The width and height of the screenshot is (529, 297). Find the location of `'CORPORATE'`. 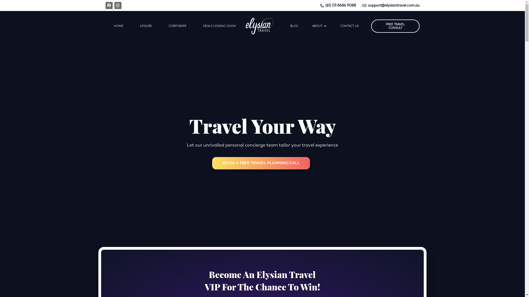

'CORPORATE' is located at coordinates (177, 26).